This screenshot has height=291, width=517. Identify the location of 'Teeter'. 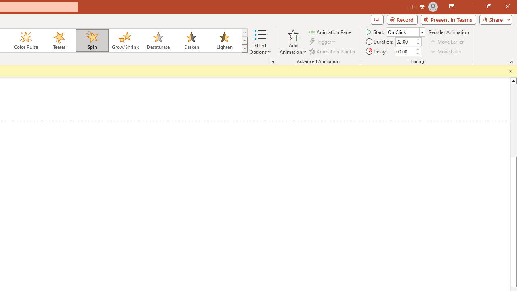
(58, 40).